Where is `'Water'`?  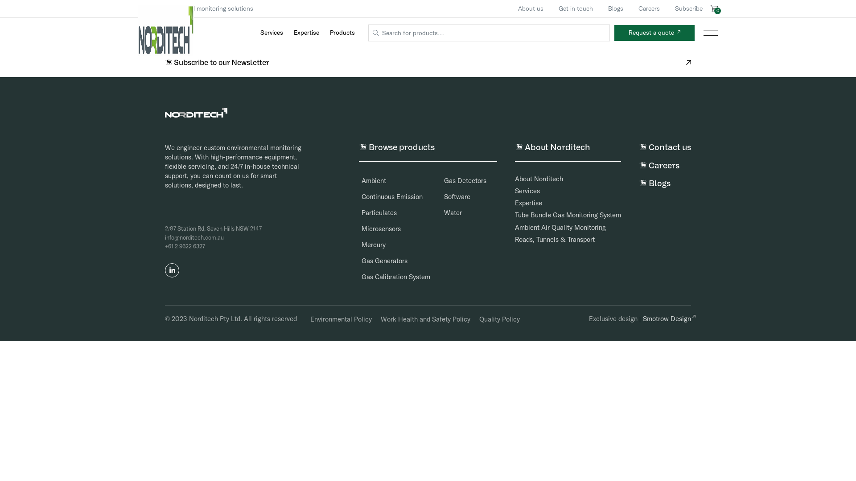
'Water' is located at coordinates (447, 213).